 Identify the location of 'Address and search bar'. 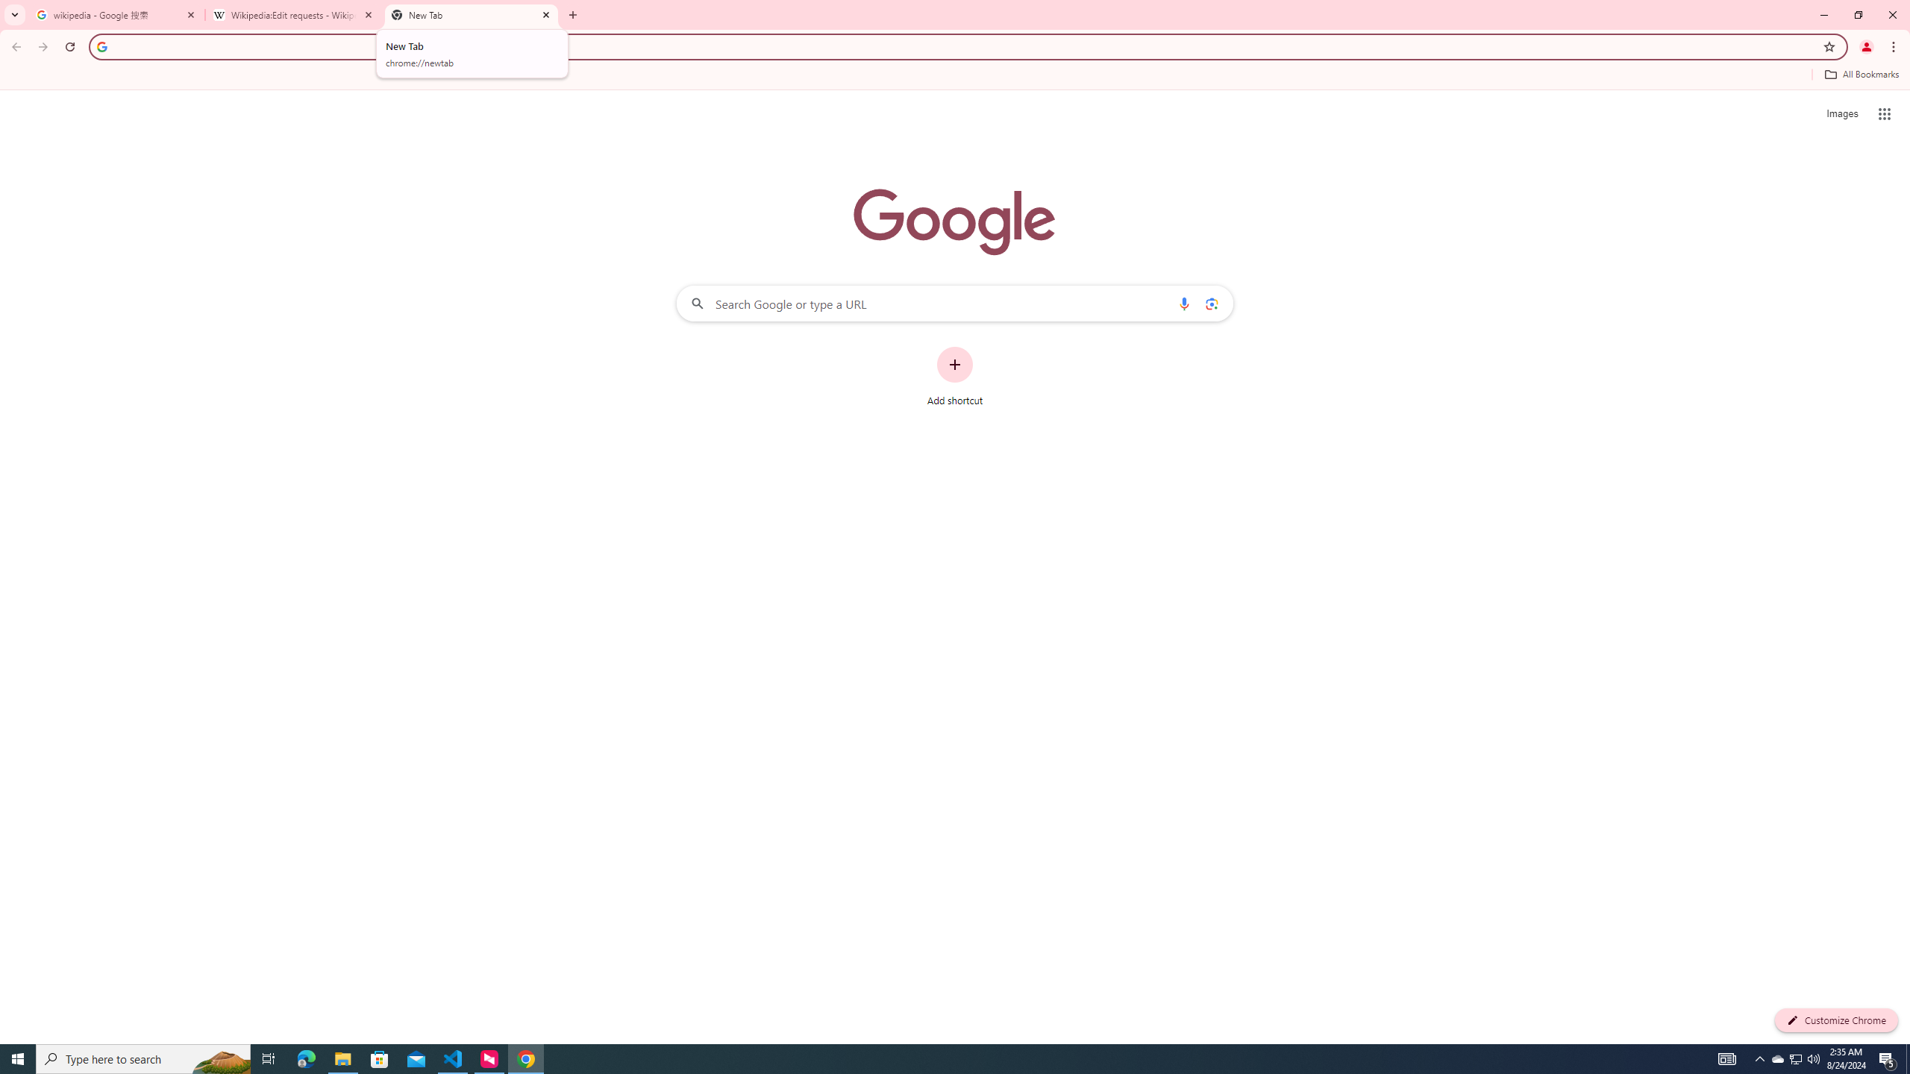
(965, 45).